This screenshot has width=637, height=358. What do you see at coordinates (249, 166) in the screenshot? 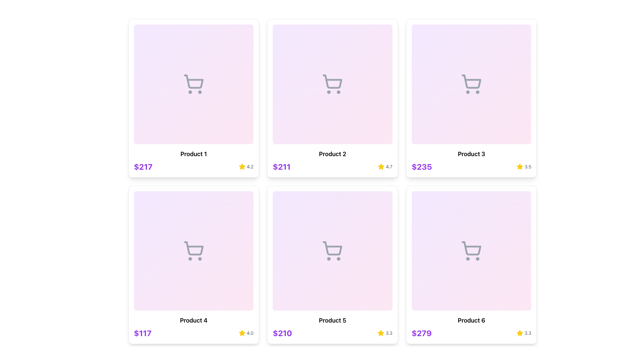
I see `text label displaying the numerical rating '4.2', which is styled in gray and positioned next to a yellow star icon for 'Product 1'` at bounding box center [249, 166].